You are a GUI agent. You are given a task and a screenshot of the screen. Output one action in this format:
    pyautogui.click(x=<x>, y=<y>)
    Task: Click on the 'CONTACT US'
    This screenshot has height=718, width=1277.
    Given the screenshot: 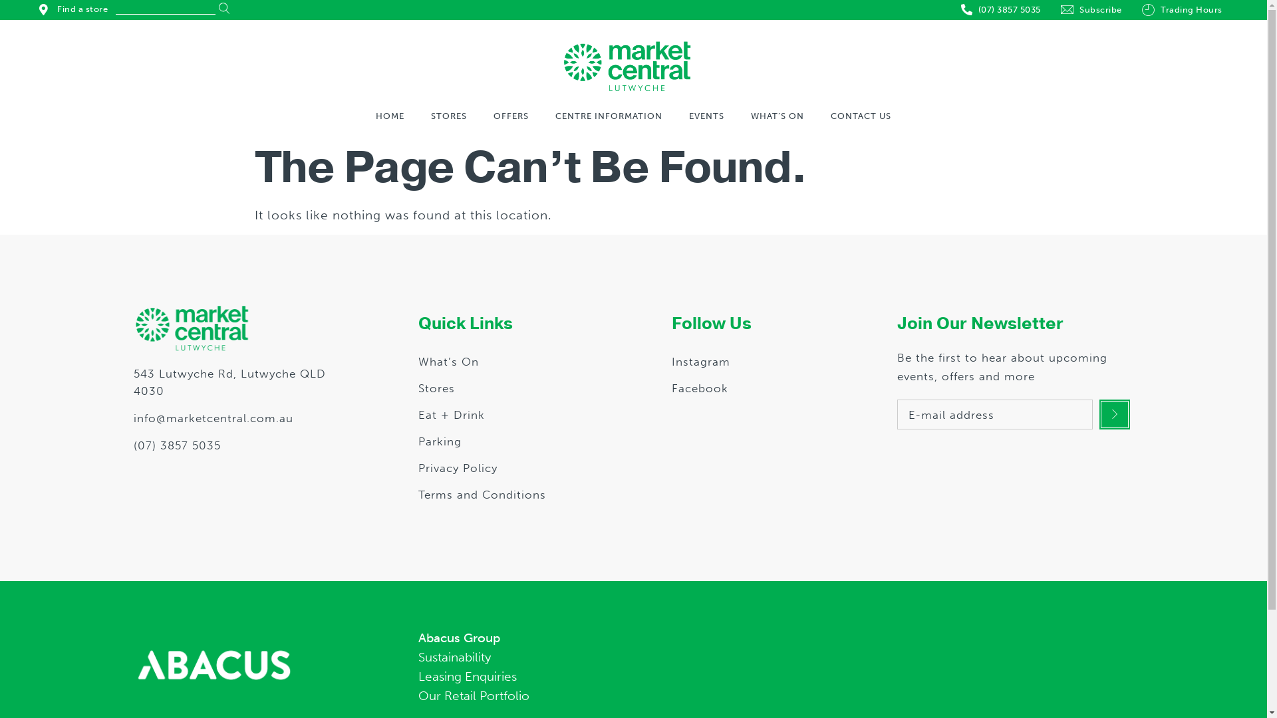 What is the action you would take?
    pyautogui.click(x=829, y=115)
    